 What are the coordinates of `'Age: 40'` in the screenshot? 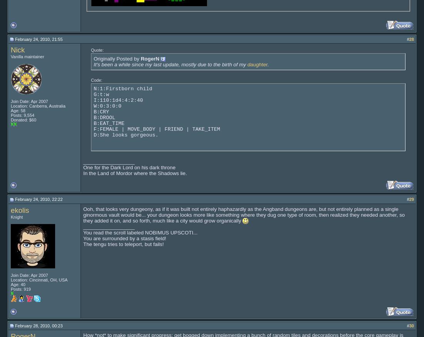 It's located at (10, 283).